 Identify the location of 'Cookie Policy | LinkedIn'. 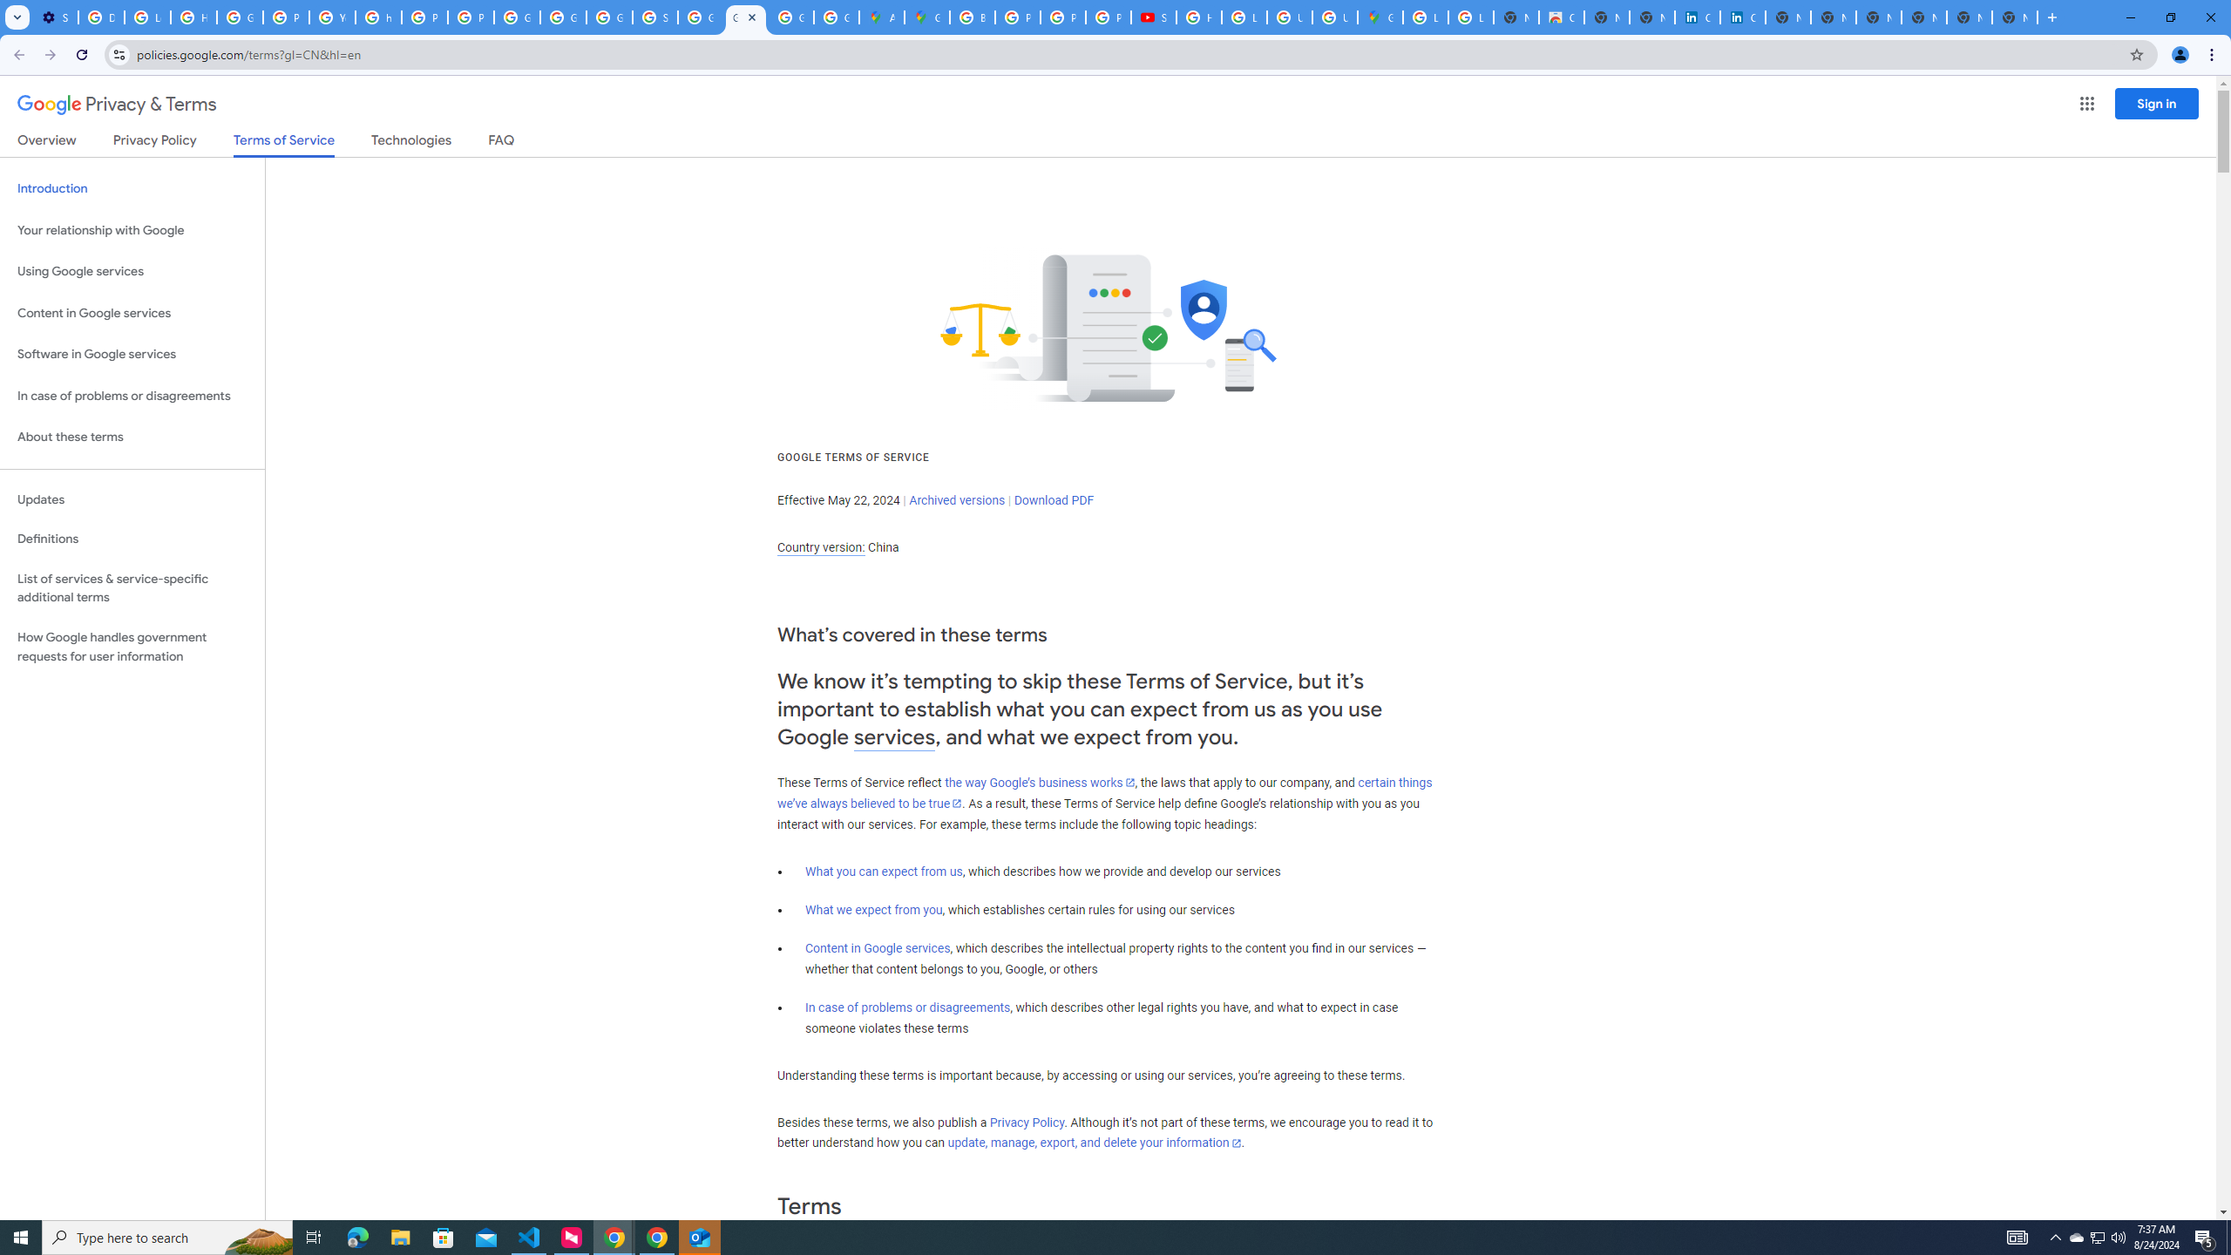
(1743, 17).